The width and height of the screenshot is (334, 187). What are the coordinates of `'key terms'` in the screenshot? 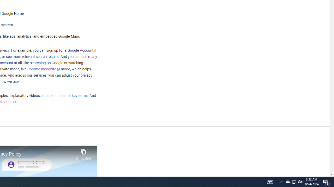 It's located at (79, 96).